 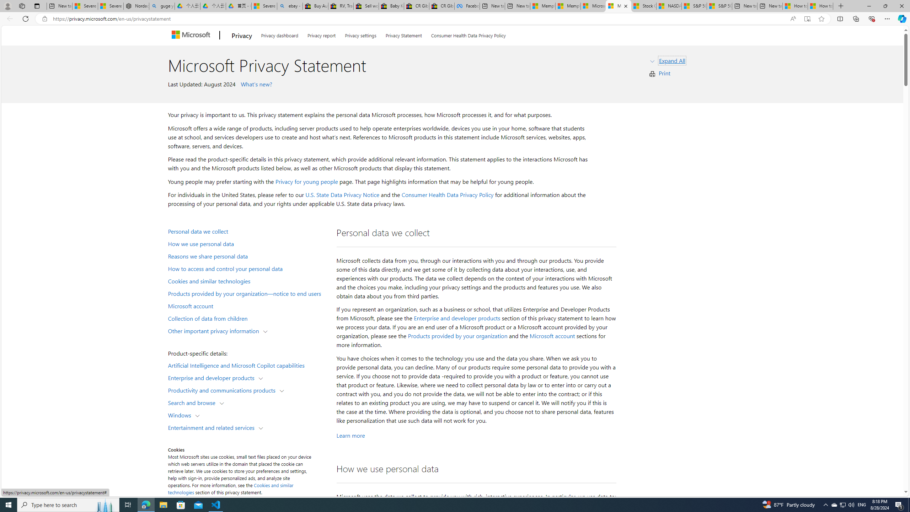 What do you see at coordinates (247, 318) in the screenshot?
I see `'Collection of data from children'` at bounding box center [247, 318].